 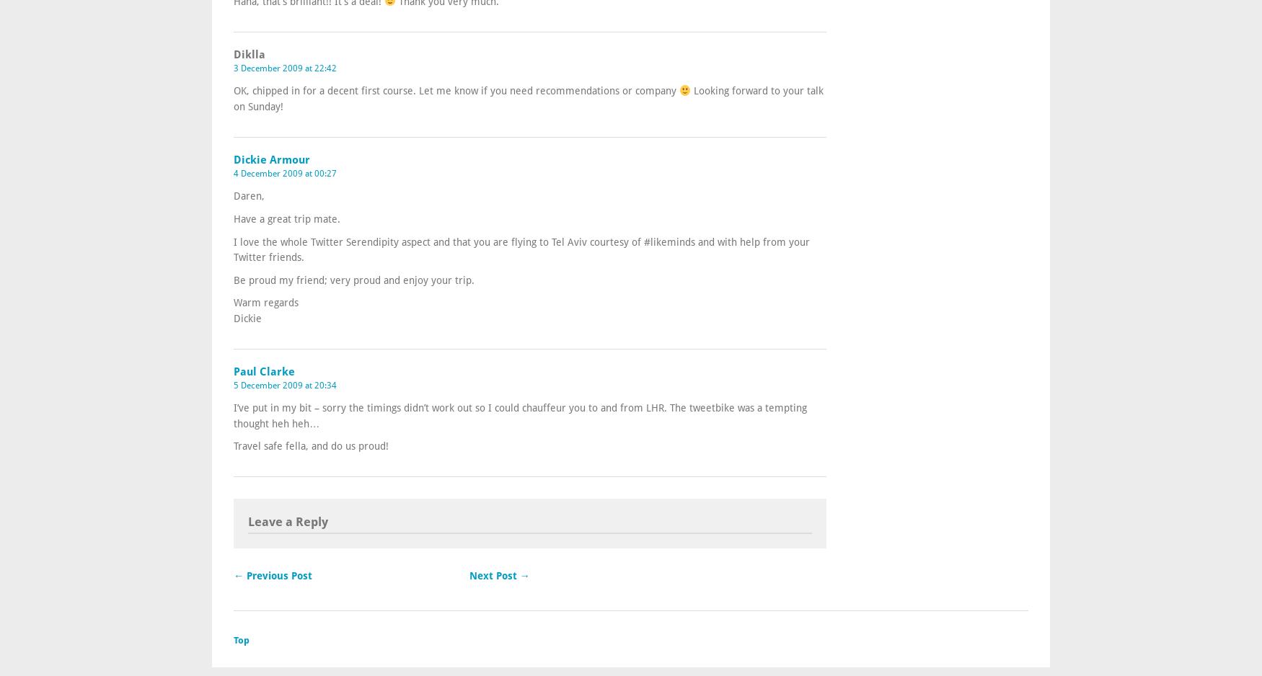 I want to click on '4 December 2009 at 00:27', so click(x=284, y=172).